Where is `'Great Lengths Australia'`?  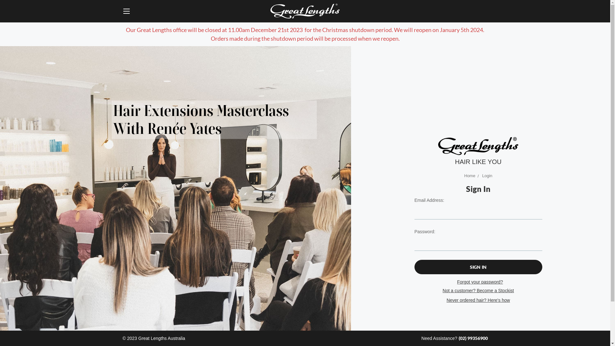
'Great Lengths Australia' is located at coordinates (305, 11).